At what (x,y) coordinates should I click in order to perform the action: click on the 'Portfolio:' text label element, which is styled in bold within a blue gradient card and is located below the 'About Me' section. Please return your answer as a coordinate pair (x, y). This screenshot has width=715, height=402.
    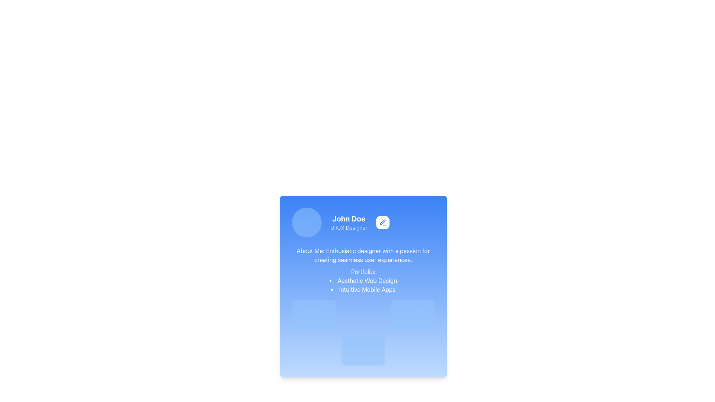
    Looking at the image, I should click on (363, 271).